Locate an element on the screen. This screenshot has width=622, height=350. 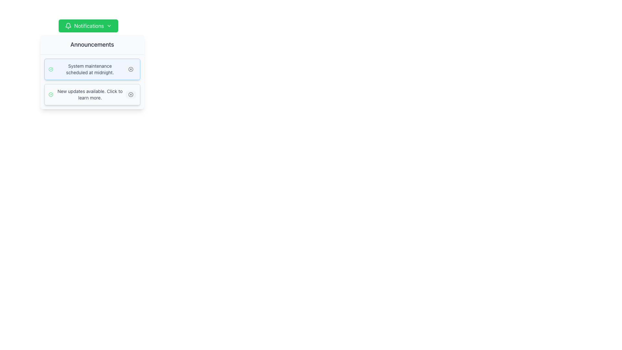
the Text Label that indicates the purpose of the announcements section, positioned below the 'Notifications' header is located at coordinates (92, 44).